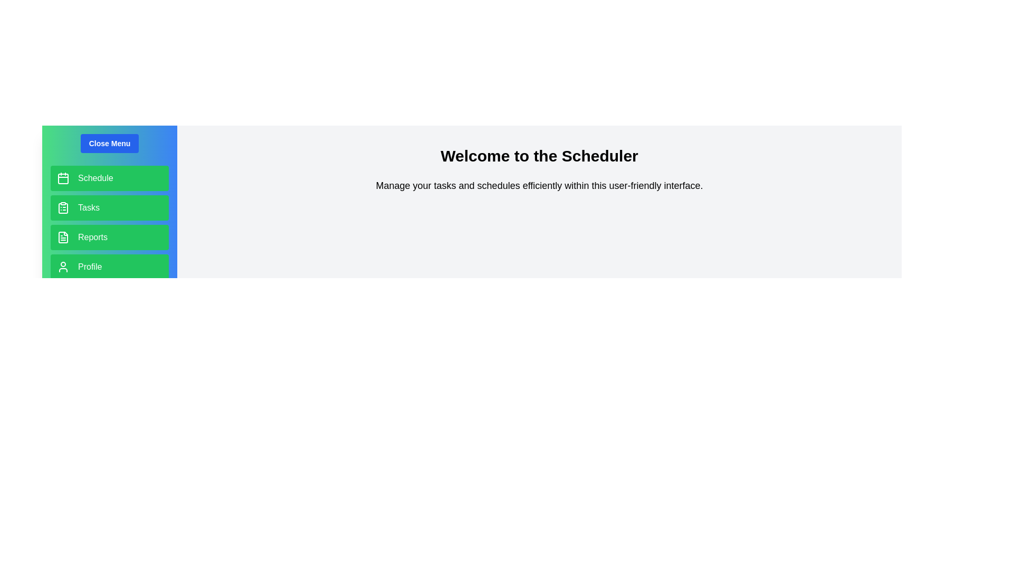 The width and height of the screenshot is (1013, 570). Describe the element at coordinates (109, 178) in the screenshot. I see `the menu item Schedule to observe its hover effect` at that location.